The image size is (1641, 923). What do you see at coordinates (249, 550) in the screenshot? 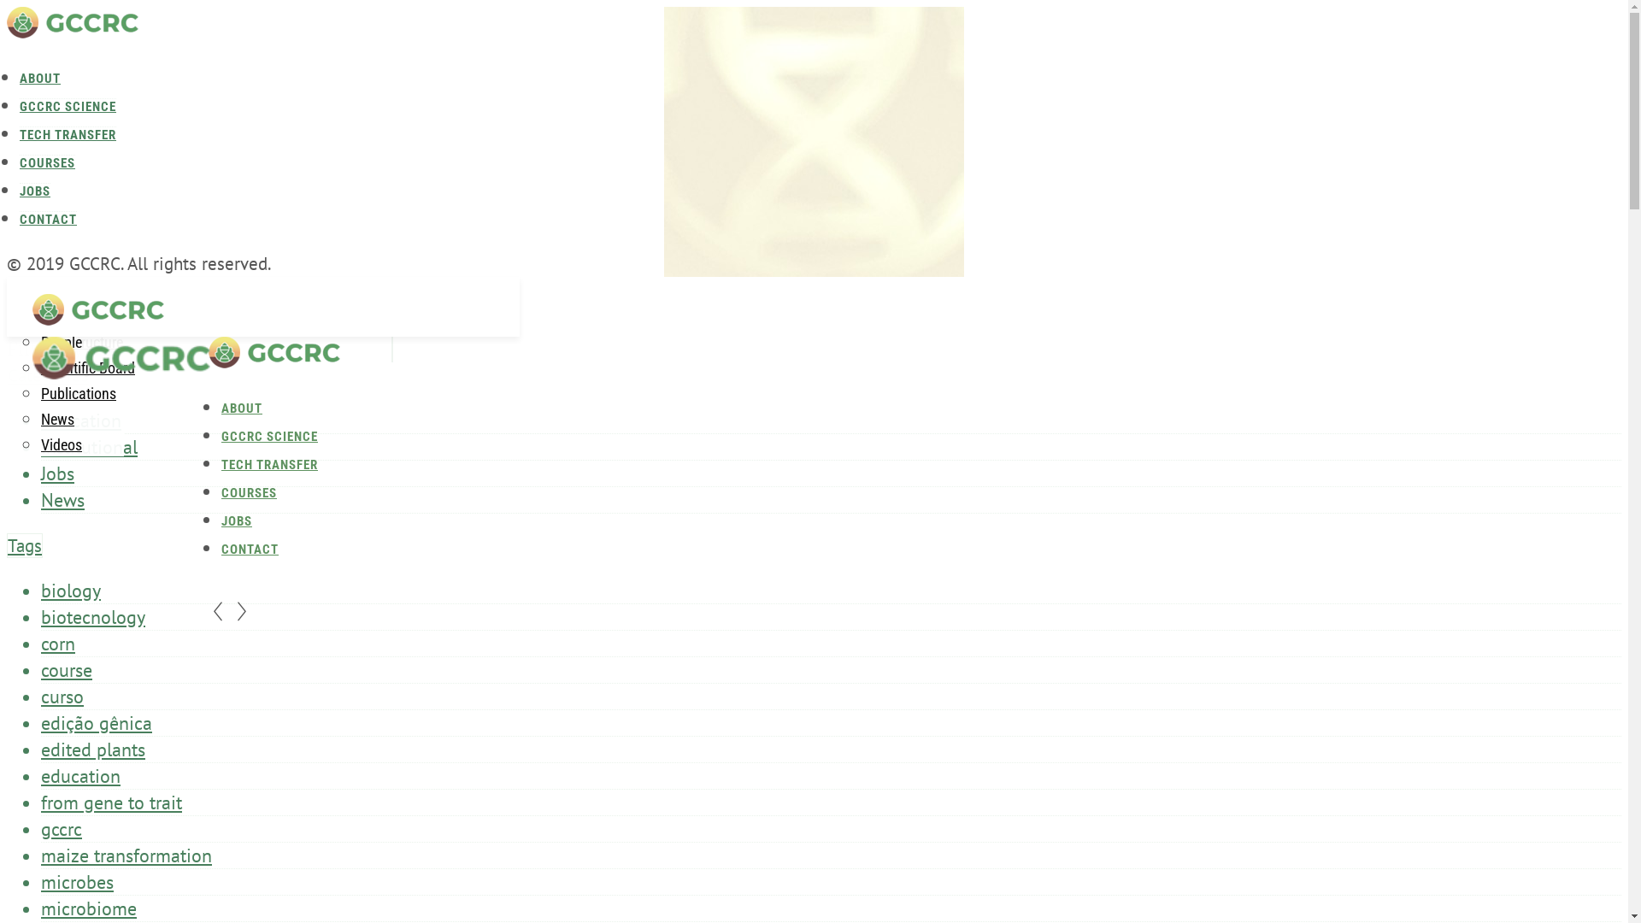
I see `'CONTACT'` at bounding box center [249, 550].